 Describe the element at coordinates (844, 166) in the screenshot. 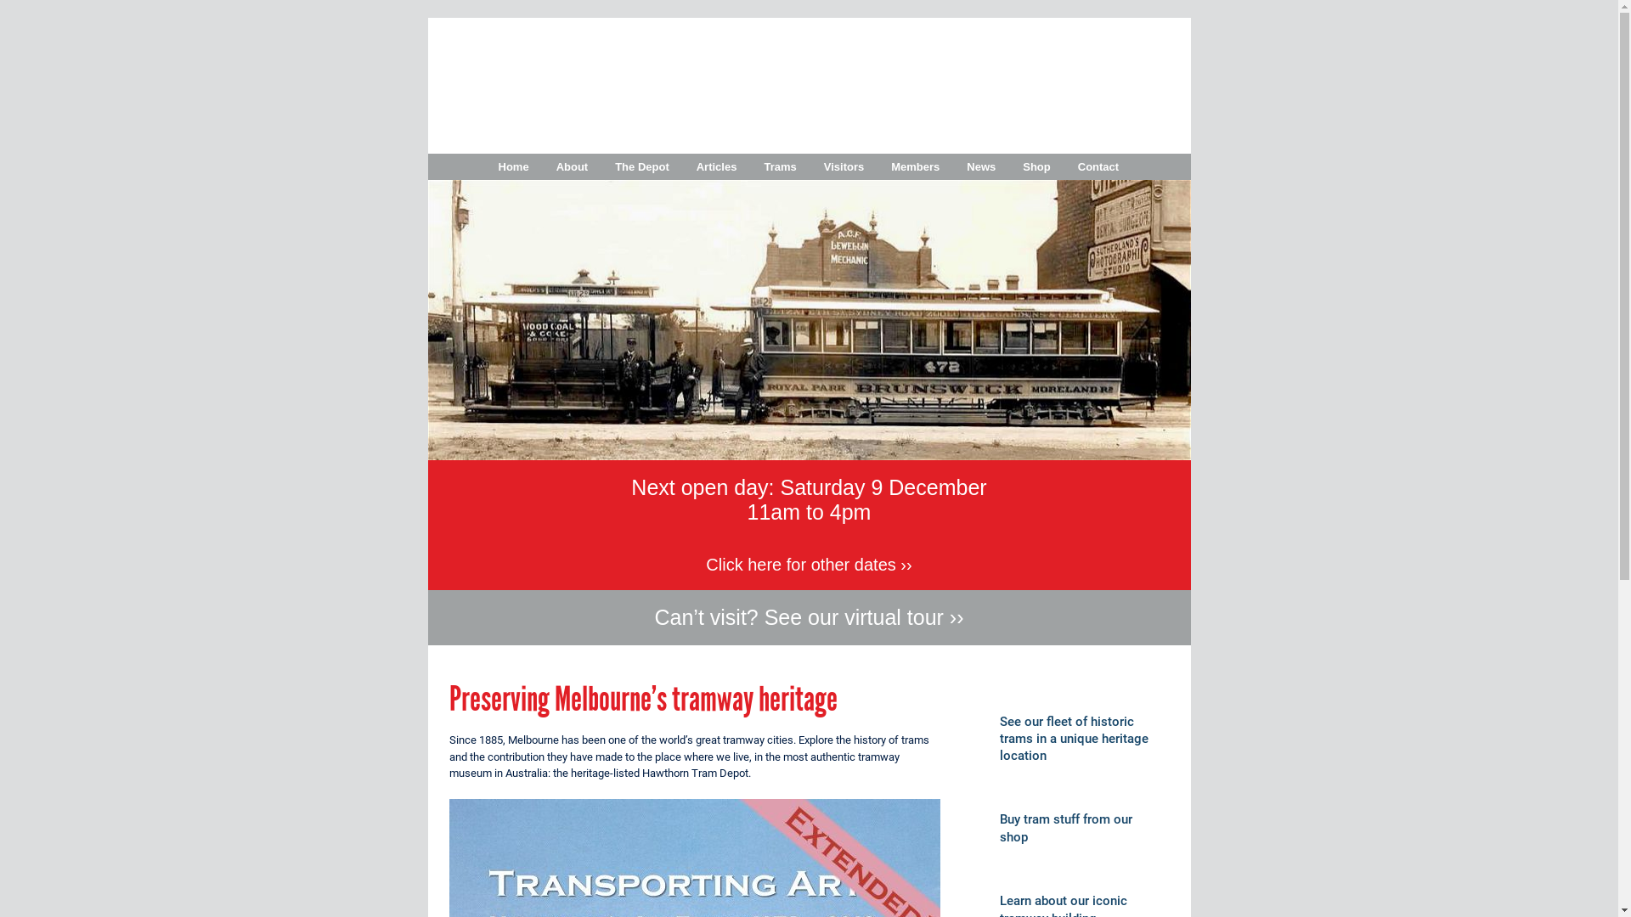

I see `'Visitors'` at that location.